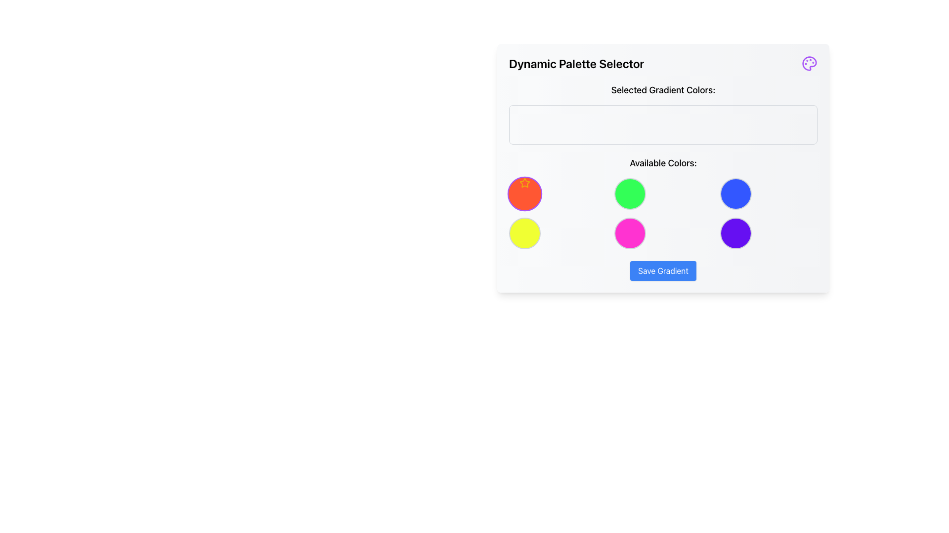 This screenshot has width=949, height=533. I want to click on the circular UI element with a vibrant yellow background and gray border, so click(524, 233).